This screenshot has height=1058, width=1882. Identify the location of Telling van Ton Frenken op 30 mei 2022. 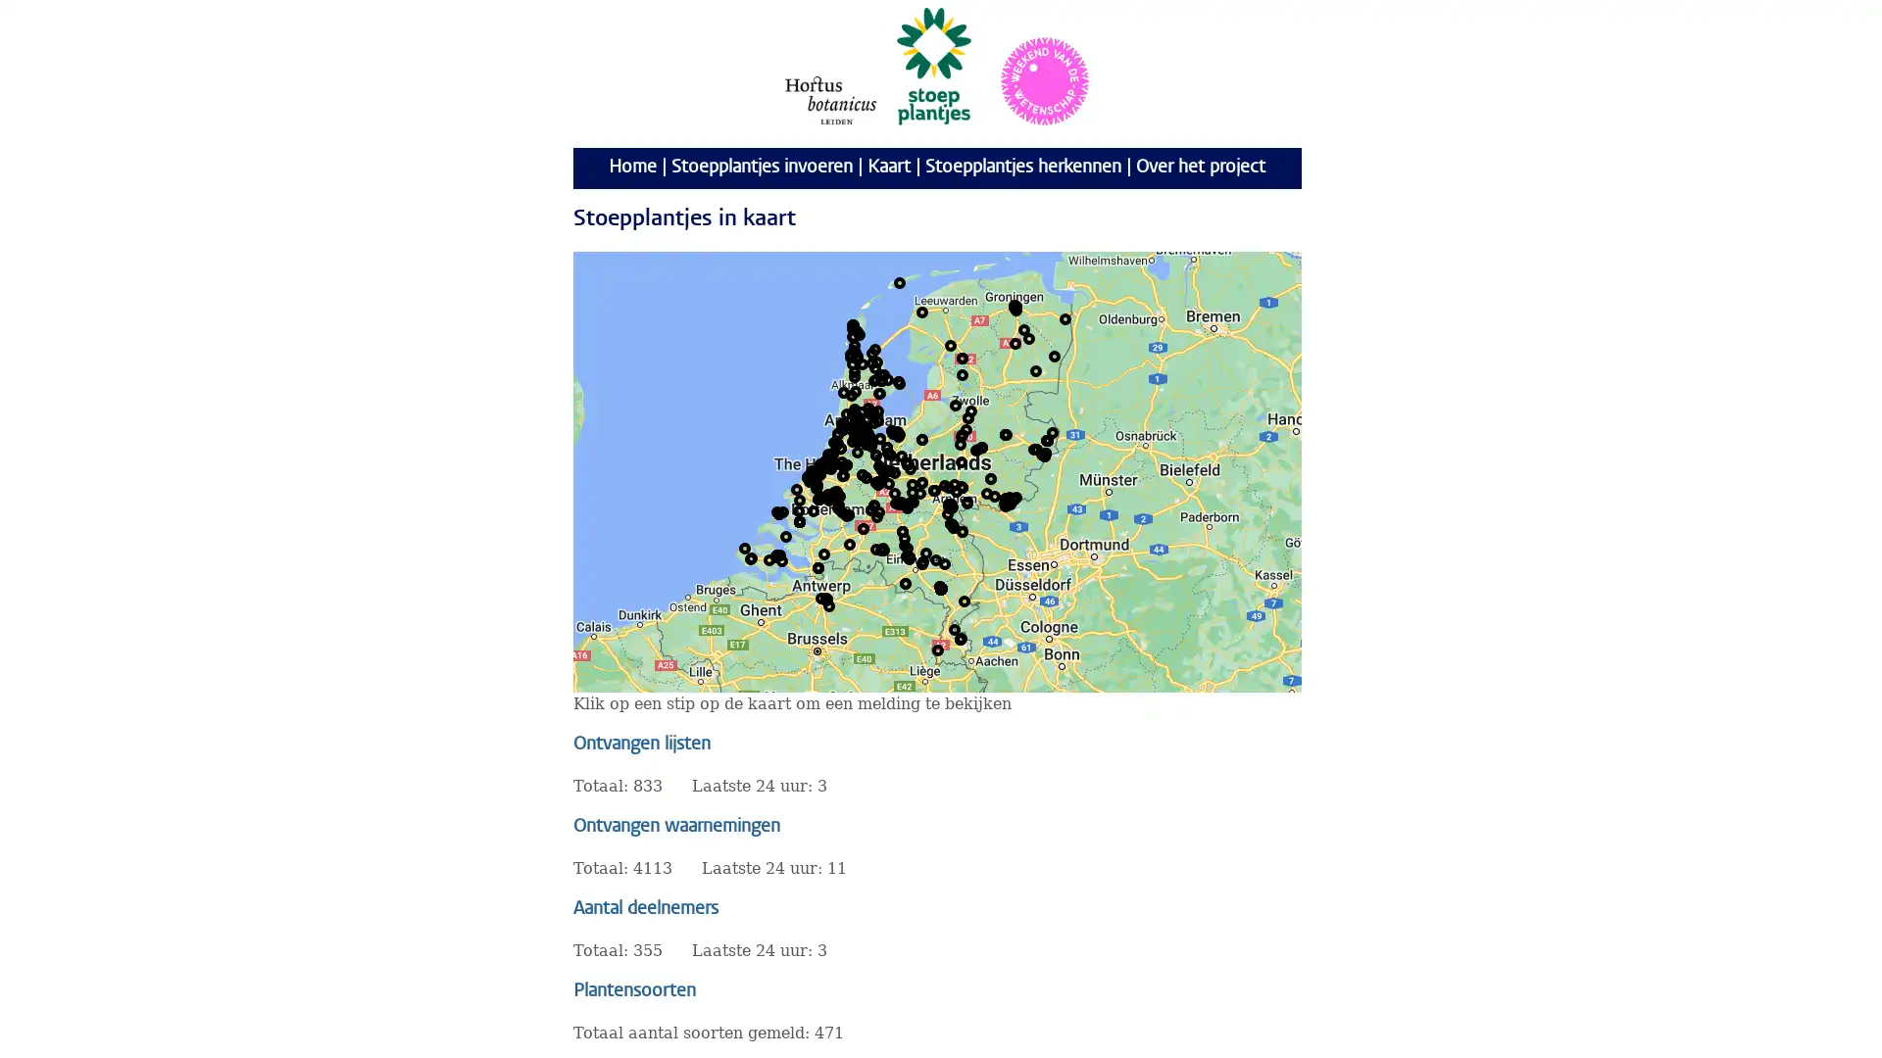
(941, 588).